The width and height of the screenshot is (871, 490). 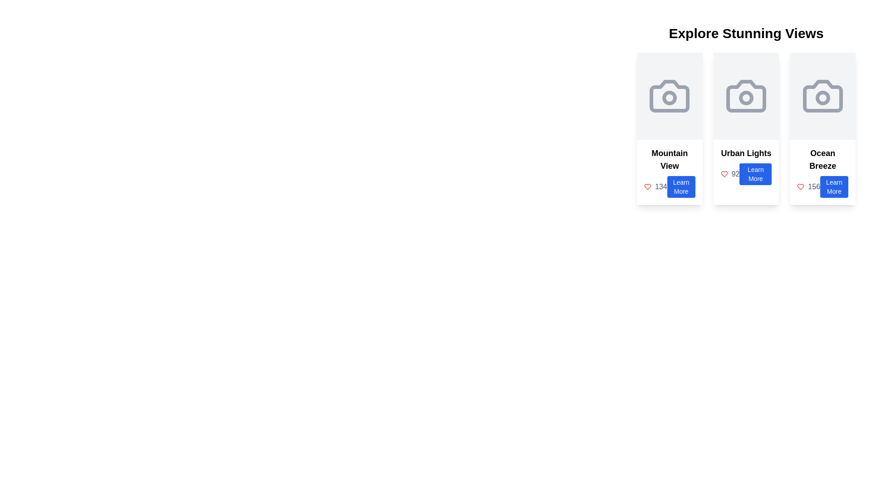 I want to click on the SVG Icon (Heart) that is red in color, representing a liked state, located to the left of the numeric text '156' within the 'Ocean Breeze' card, so click(x=801, y=186).